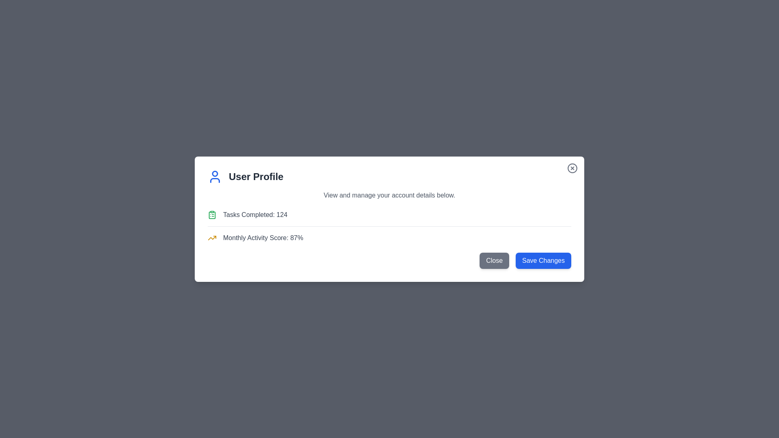  Describe the element at coordinates (543, 260) in the screenshot. I see `the blue button with rounded corners and white text labeled 'Save Changes'` at that location.